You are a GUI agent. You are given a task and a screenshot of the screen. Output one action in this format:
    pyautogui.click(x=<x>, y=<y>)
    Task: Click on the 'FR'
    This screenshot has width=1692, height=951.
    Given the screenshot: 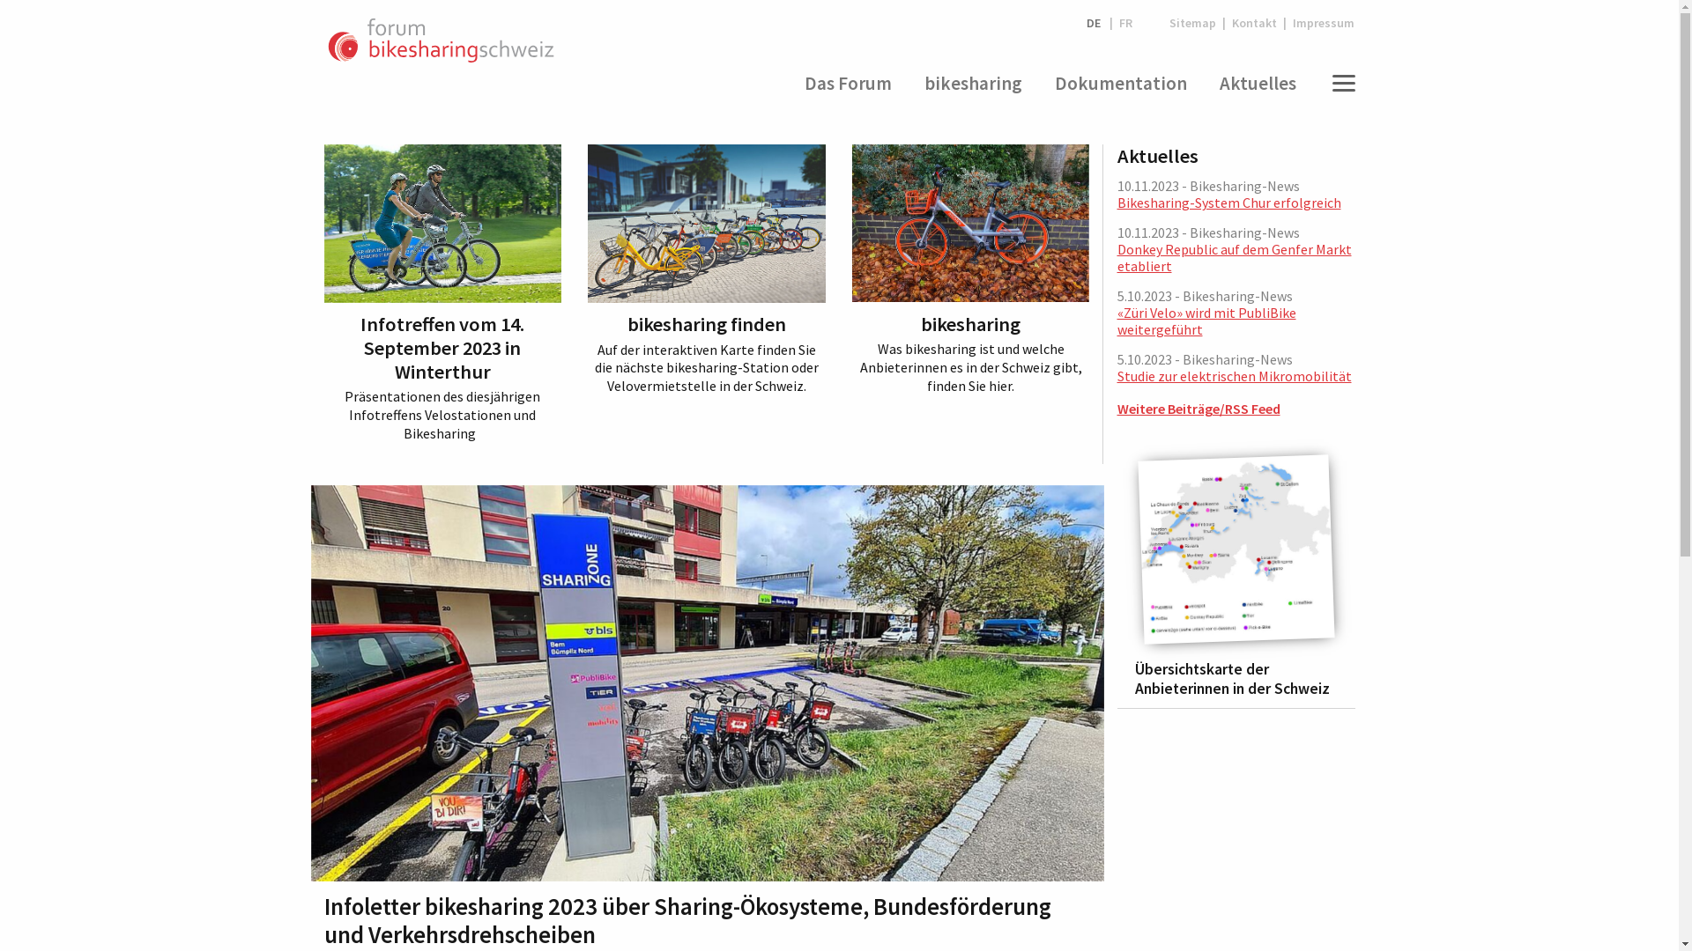 What is the action you would take?
    pyautogui.click(x=1124, y=23)
    